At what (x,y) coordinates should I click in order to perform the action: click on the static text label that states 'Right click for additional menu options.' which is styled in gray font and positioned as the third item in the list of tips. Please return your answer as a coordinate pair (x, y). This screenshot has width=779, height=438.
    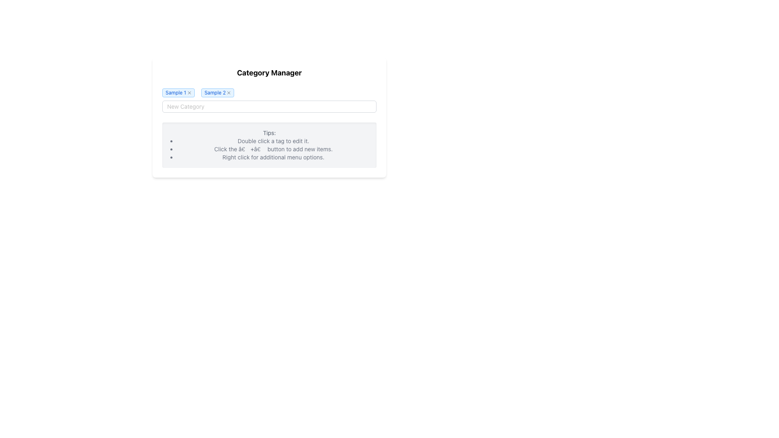
    Looking at the image, I should click on (273, 157).